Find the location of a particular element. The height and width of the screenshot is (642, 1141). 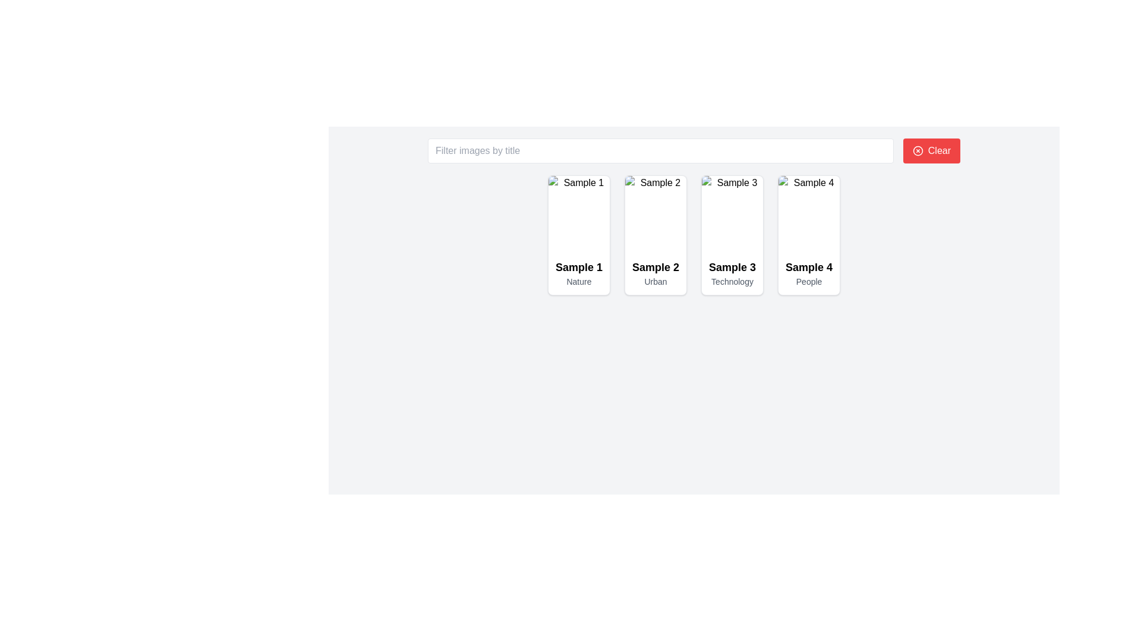

text content of the label displaying 'People', which is located beneath the title 'Sample 4' is located at coordinates (808, 282).